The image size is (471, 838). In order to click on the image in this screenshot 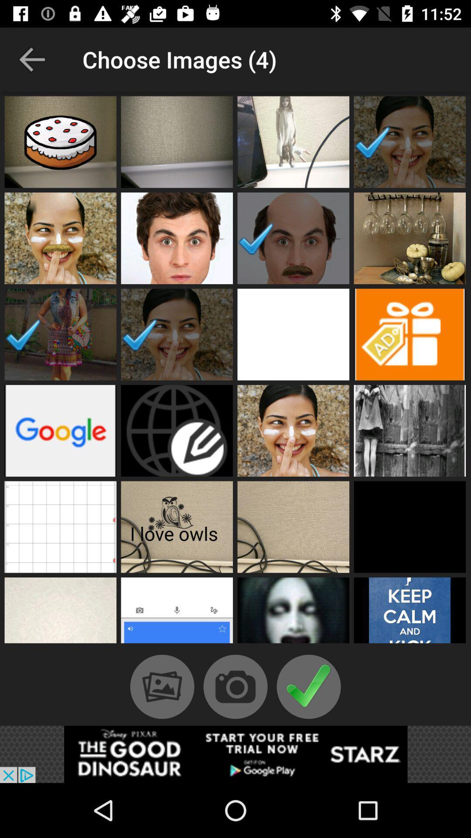, I will do `click(293, 431)`.